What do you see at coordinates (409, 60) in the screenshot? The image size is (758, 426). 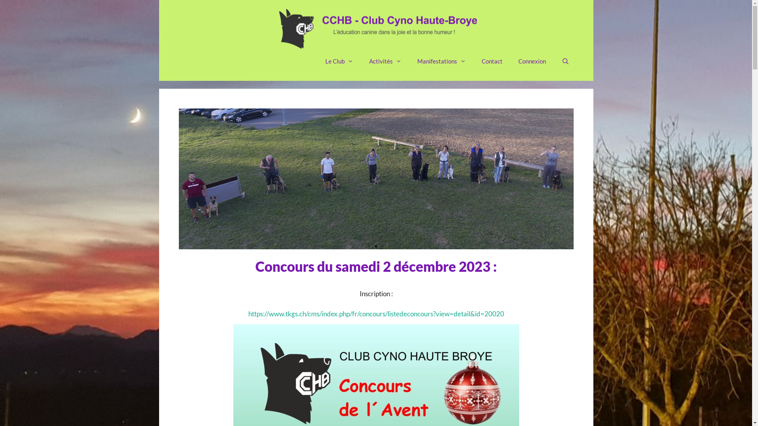 I see `'Manifestations'` at bounding box center [409, 60].